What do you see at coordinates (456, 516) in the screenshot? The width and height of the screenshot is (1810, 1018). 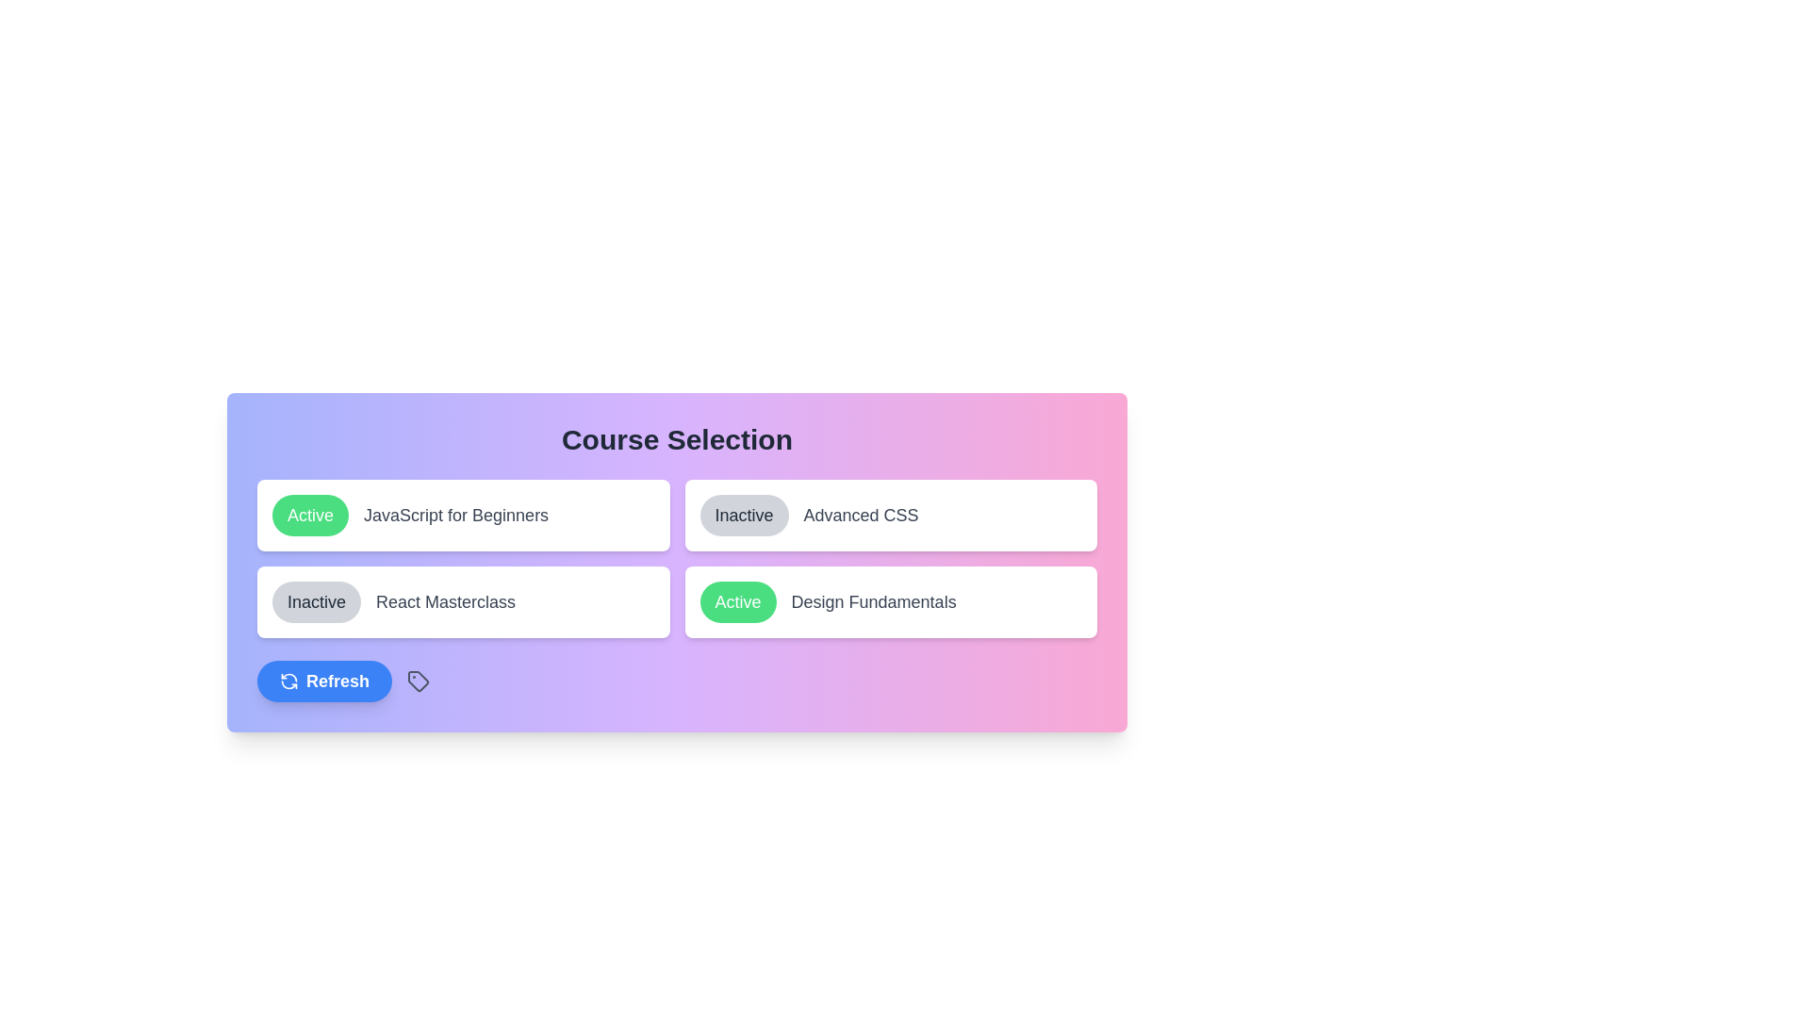 I see `text of the label indicating the course titled 'JavaScript for Beginners', which is positioned to the right of the green button labeled 'Active' in the Course Selection section` at bounding box center [456, 516].